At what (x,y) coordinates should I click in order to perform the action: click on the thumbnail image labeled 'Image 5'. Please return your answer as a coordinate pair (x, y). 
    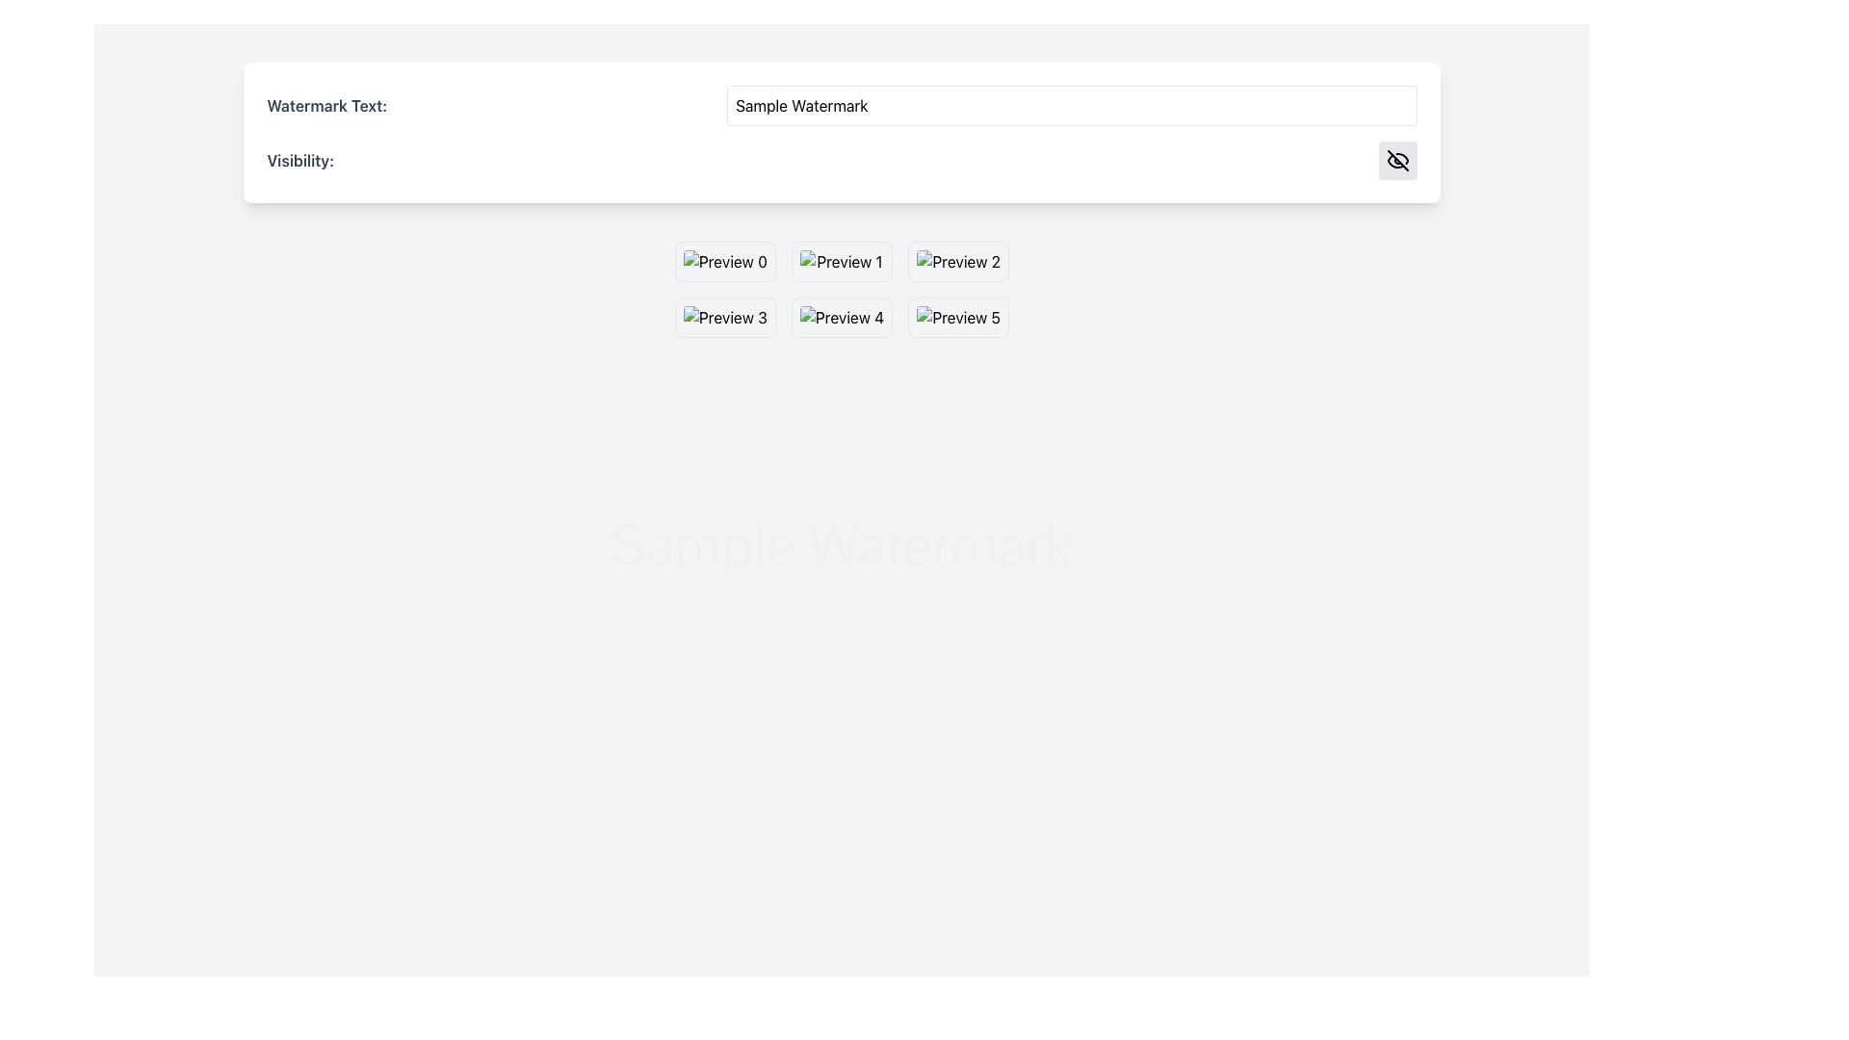
    Looking at the image, I should click on (842, 317).